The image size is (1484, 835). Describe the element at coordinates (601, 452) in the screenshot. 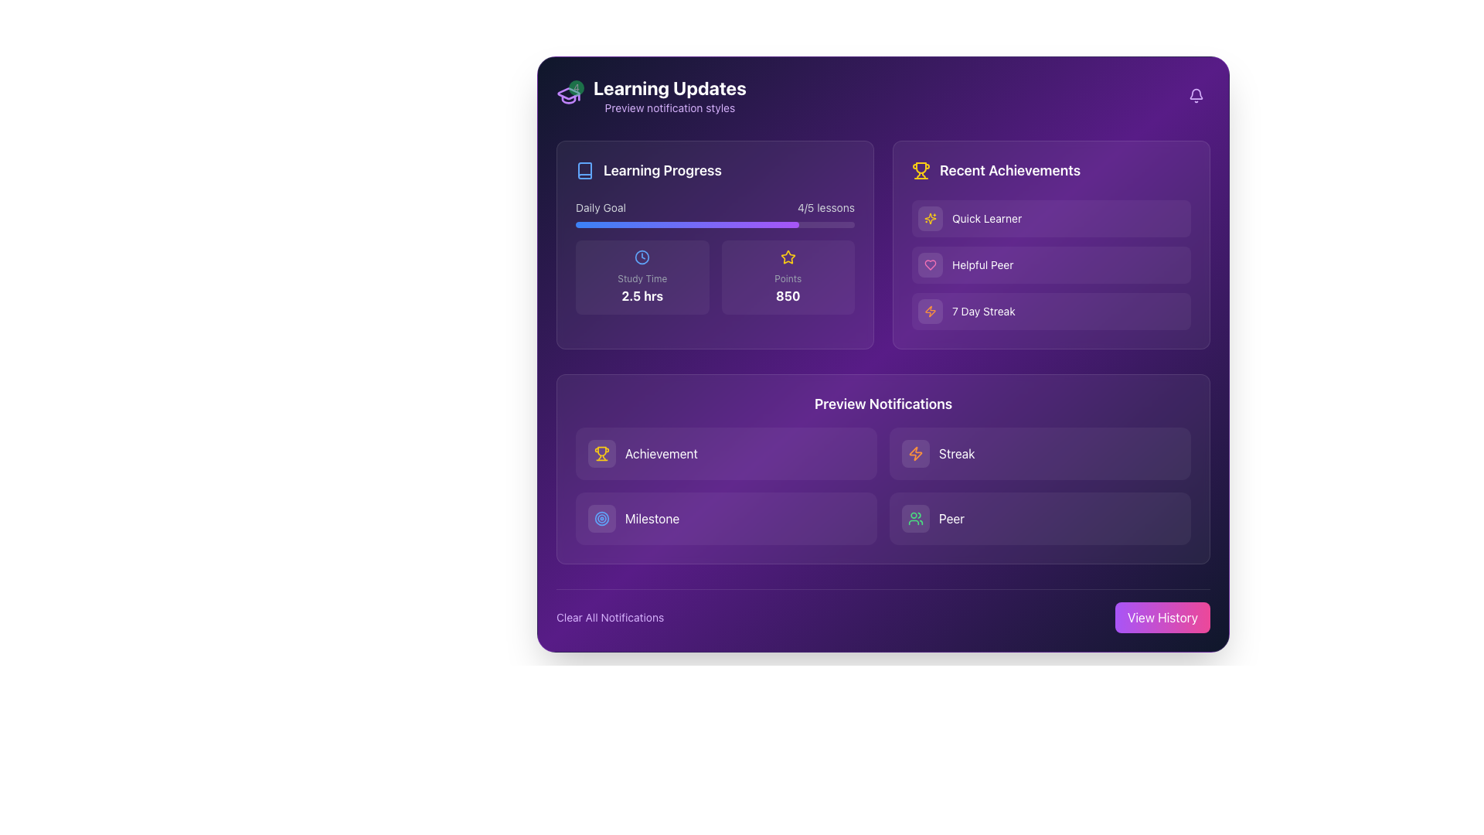

I see `the trophy-shaped icon in the 'Achievement' button located in the bottom-left section of the application interface, which is part of the 'Preview Notifications' section` at that location.